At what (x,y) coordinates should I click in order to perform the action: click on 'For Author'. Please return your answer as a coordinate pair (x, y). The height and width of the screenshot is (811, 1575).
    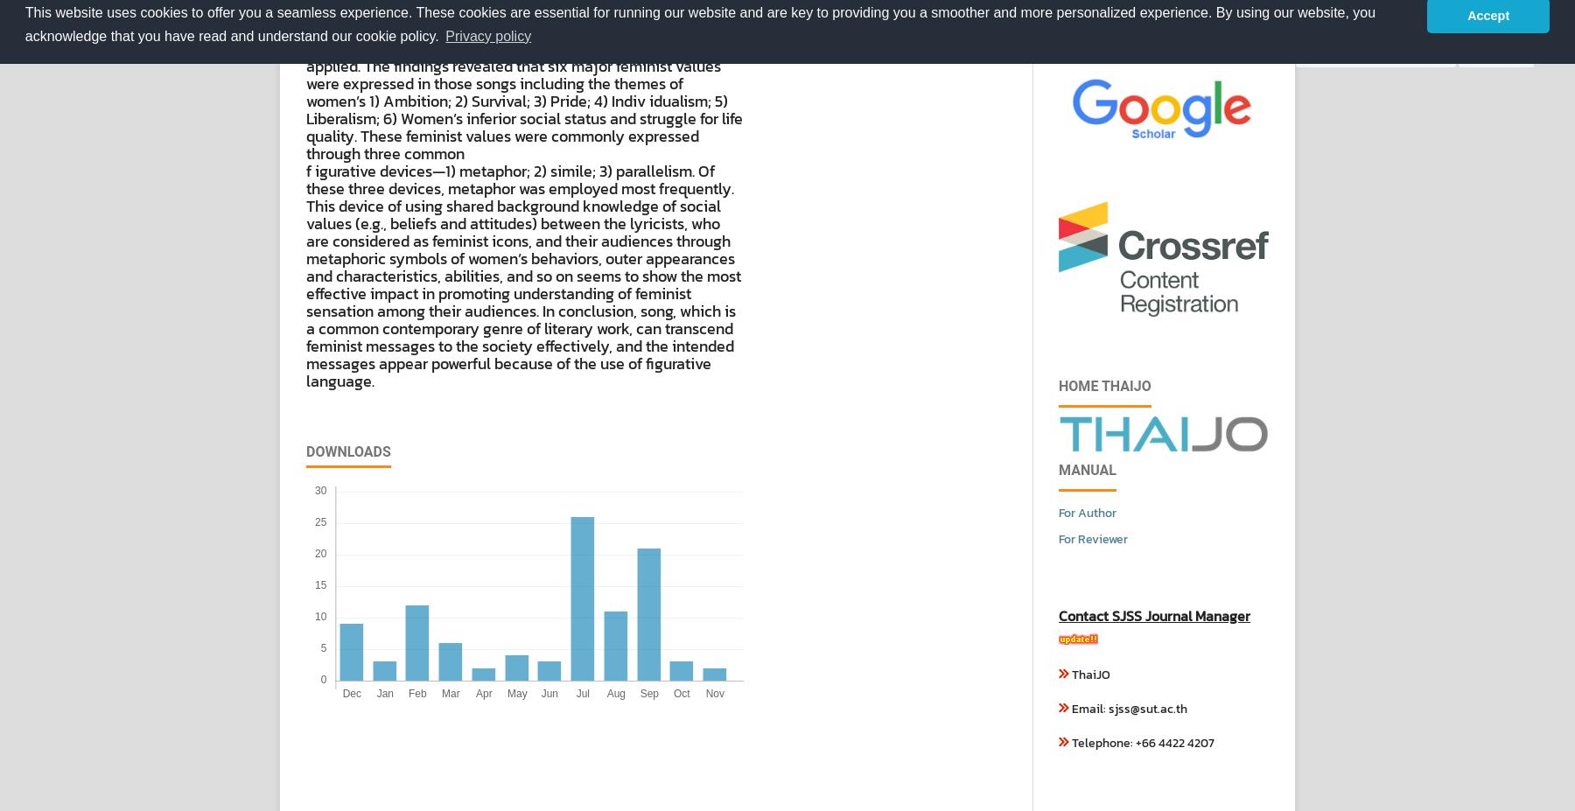
    Looking at the image, I should click on (1088, 513).